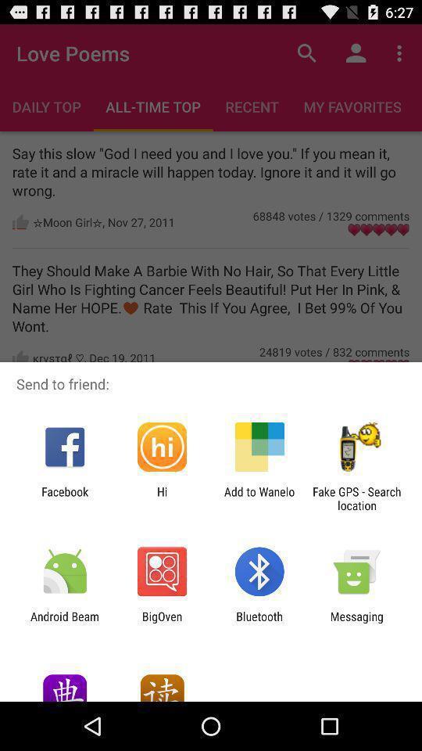 This screenshot has height=751, width=422. What do you see at coordinates (64, 623) in the screenshot?
I see `item next to bigoven app` at bounding box center [64, 623].